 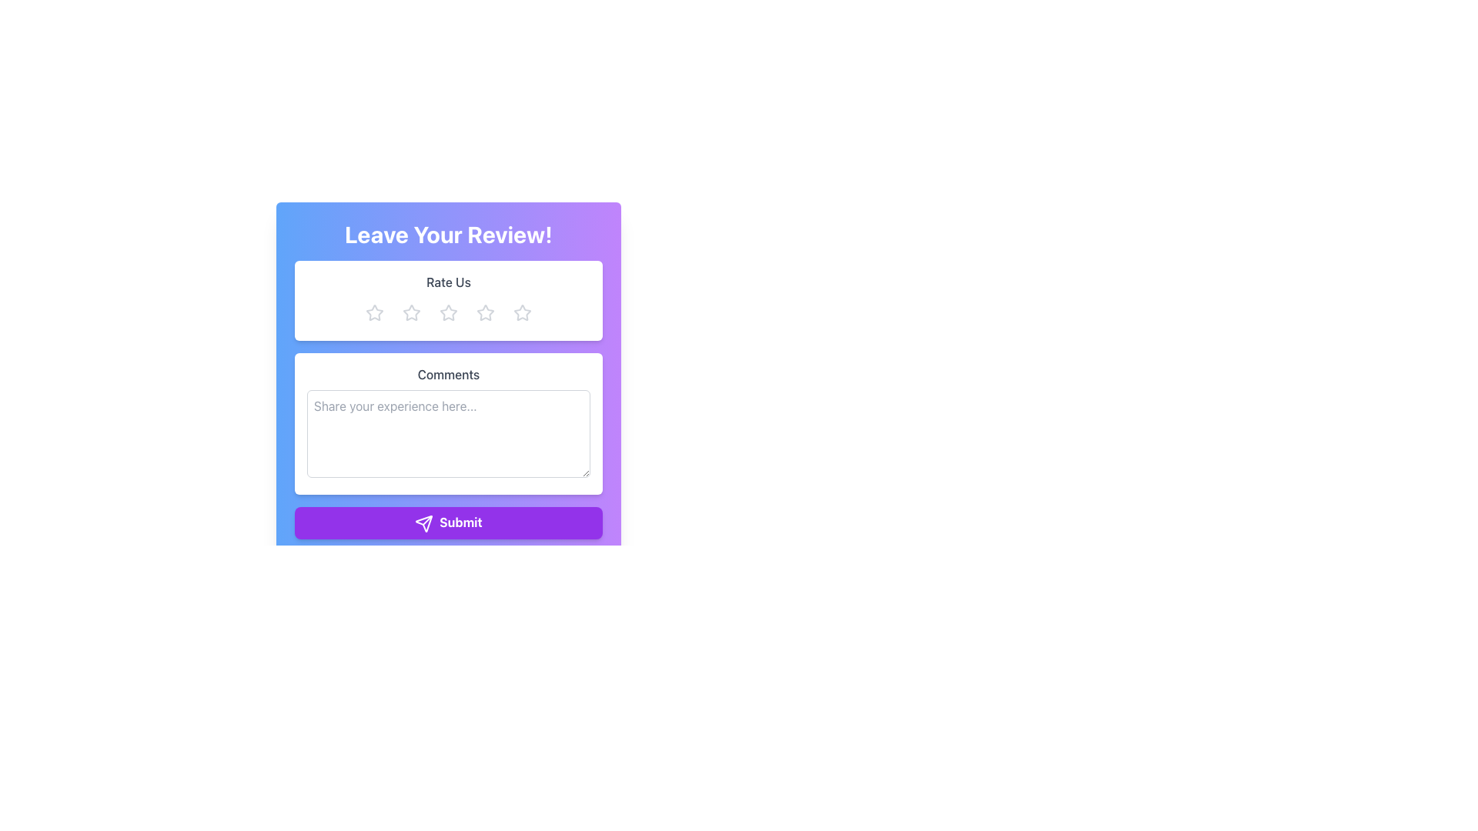 What do you see at coordinates (447, 312) in the screenshot?
I see `the third star icon in the 'Rate Us' panel, which is rendered in a grayish tone indicating it is not active or selected` at bounding box center [447, 312].